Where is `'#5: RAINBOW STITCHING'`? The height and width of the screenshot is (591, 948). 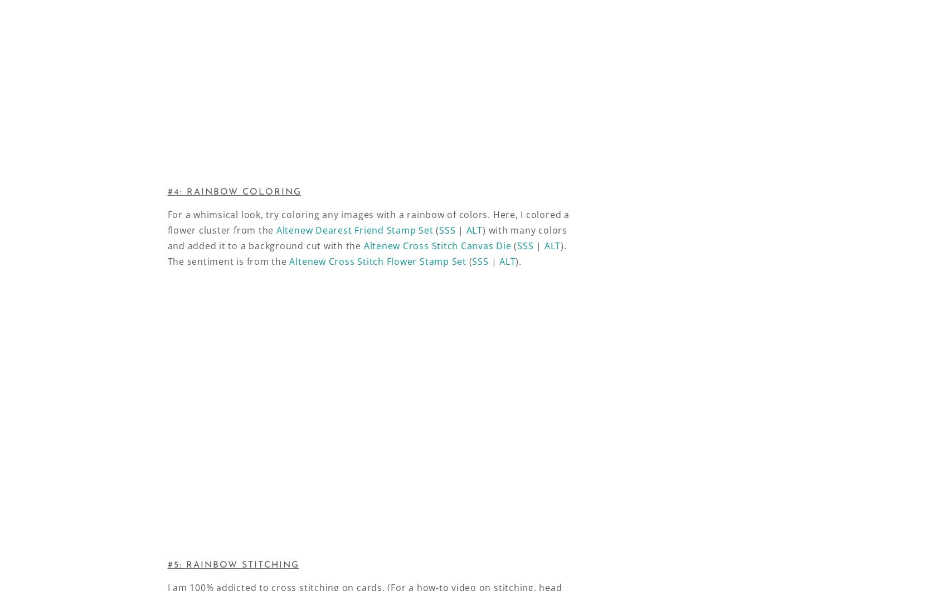
'#5: RAINBOW STITCHING' is located at coordinates (232, 564).